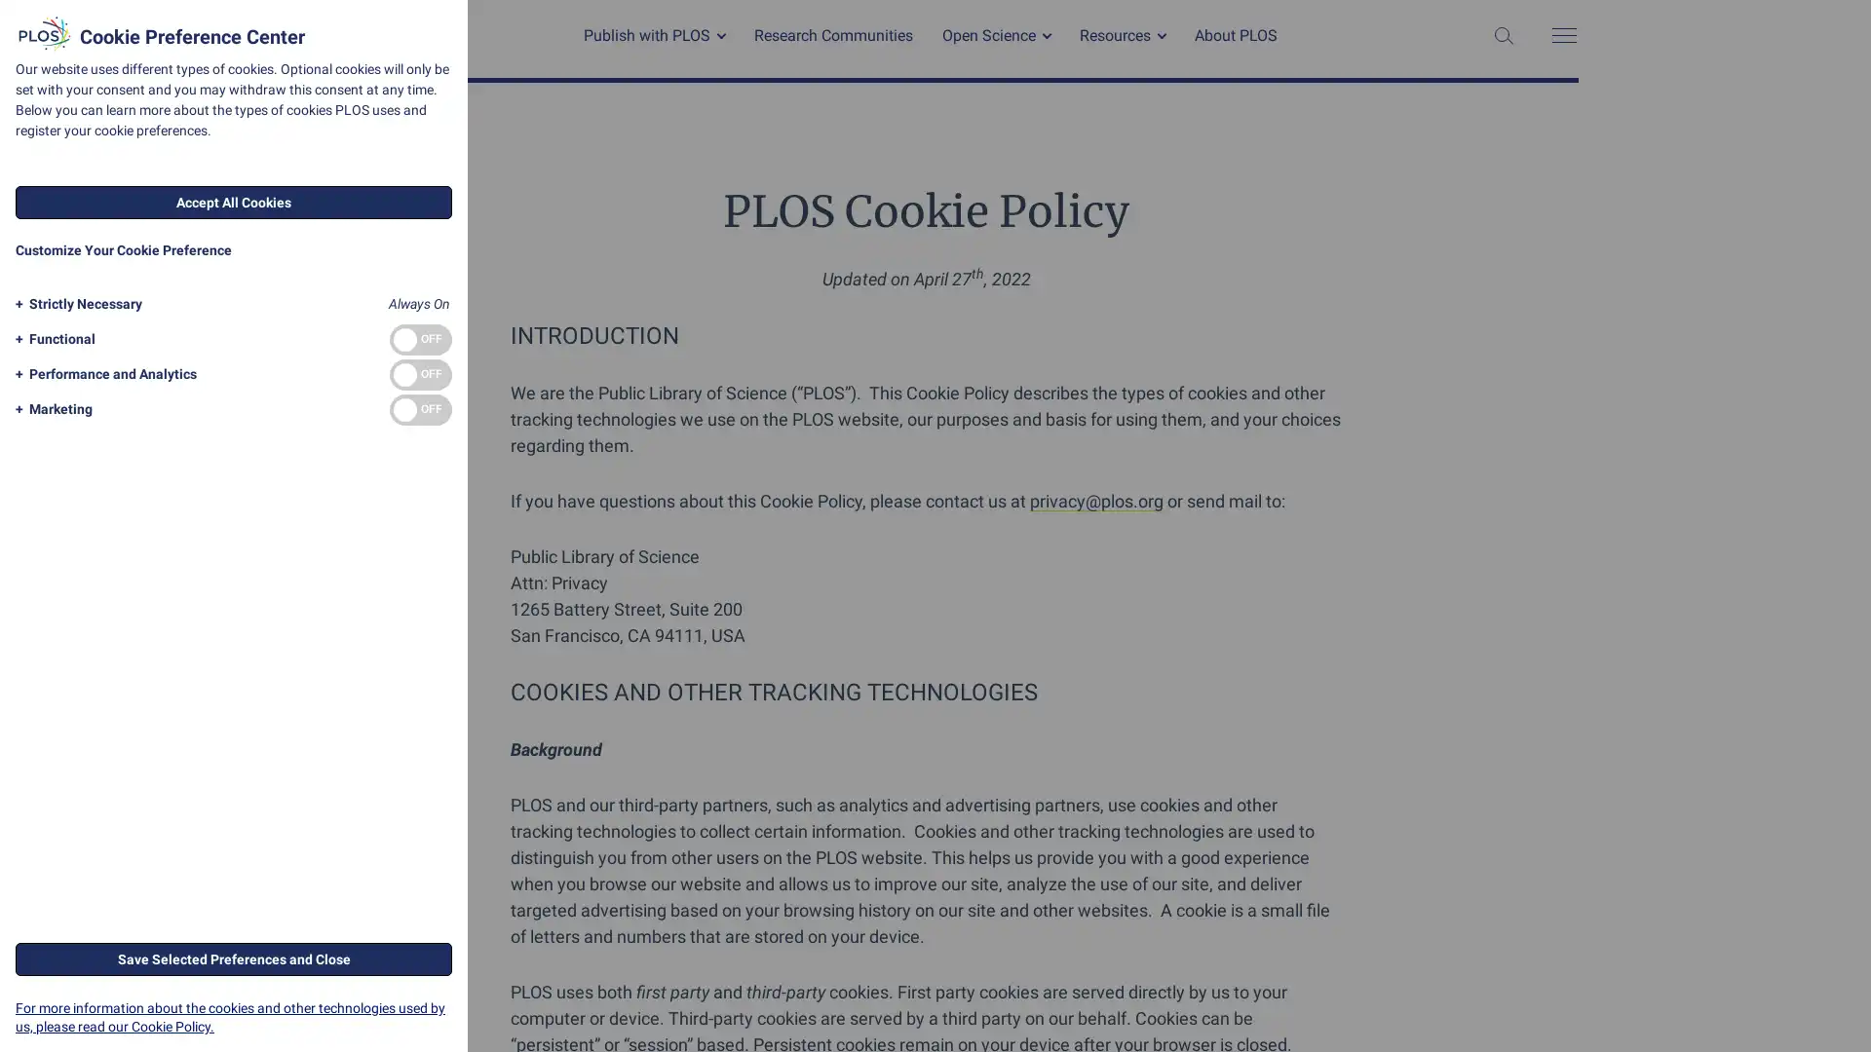  Describe the element at coordinates (234, 203) in the screenshot. I see `Accept All Cookies` at that location.